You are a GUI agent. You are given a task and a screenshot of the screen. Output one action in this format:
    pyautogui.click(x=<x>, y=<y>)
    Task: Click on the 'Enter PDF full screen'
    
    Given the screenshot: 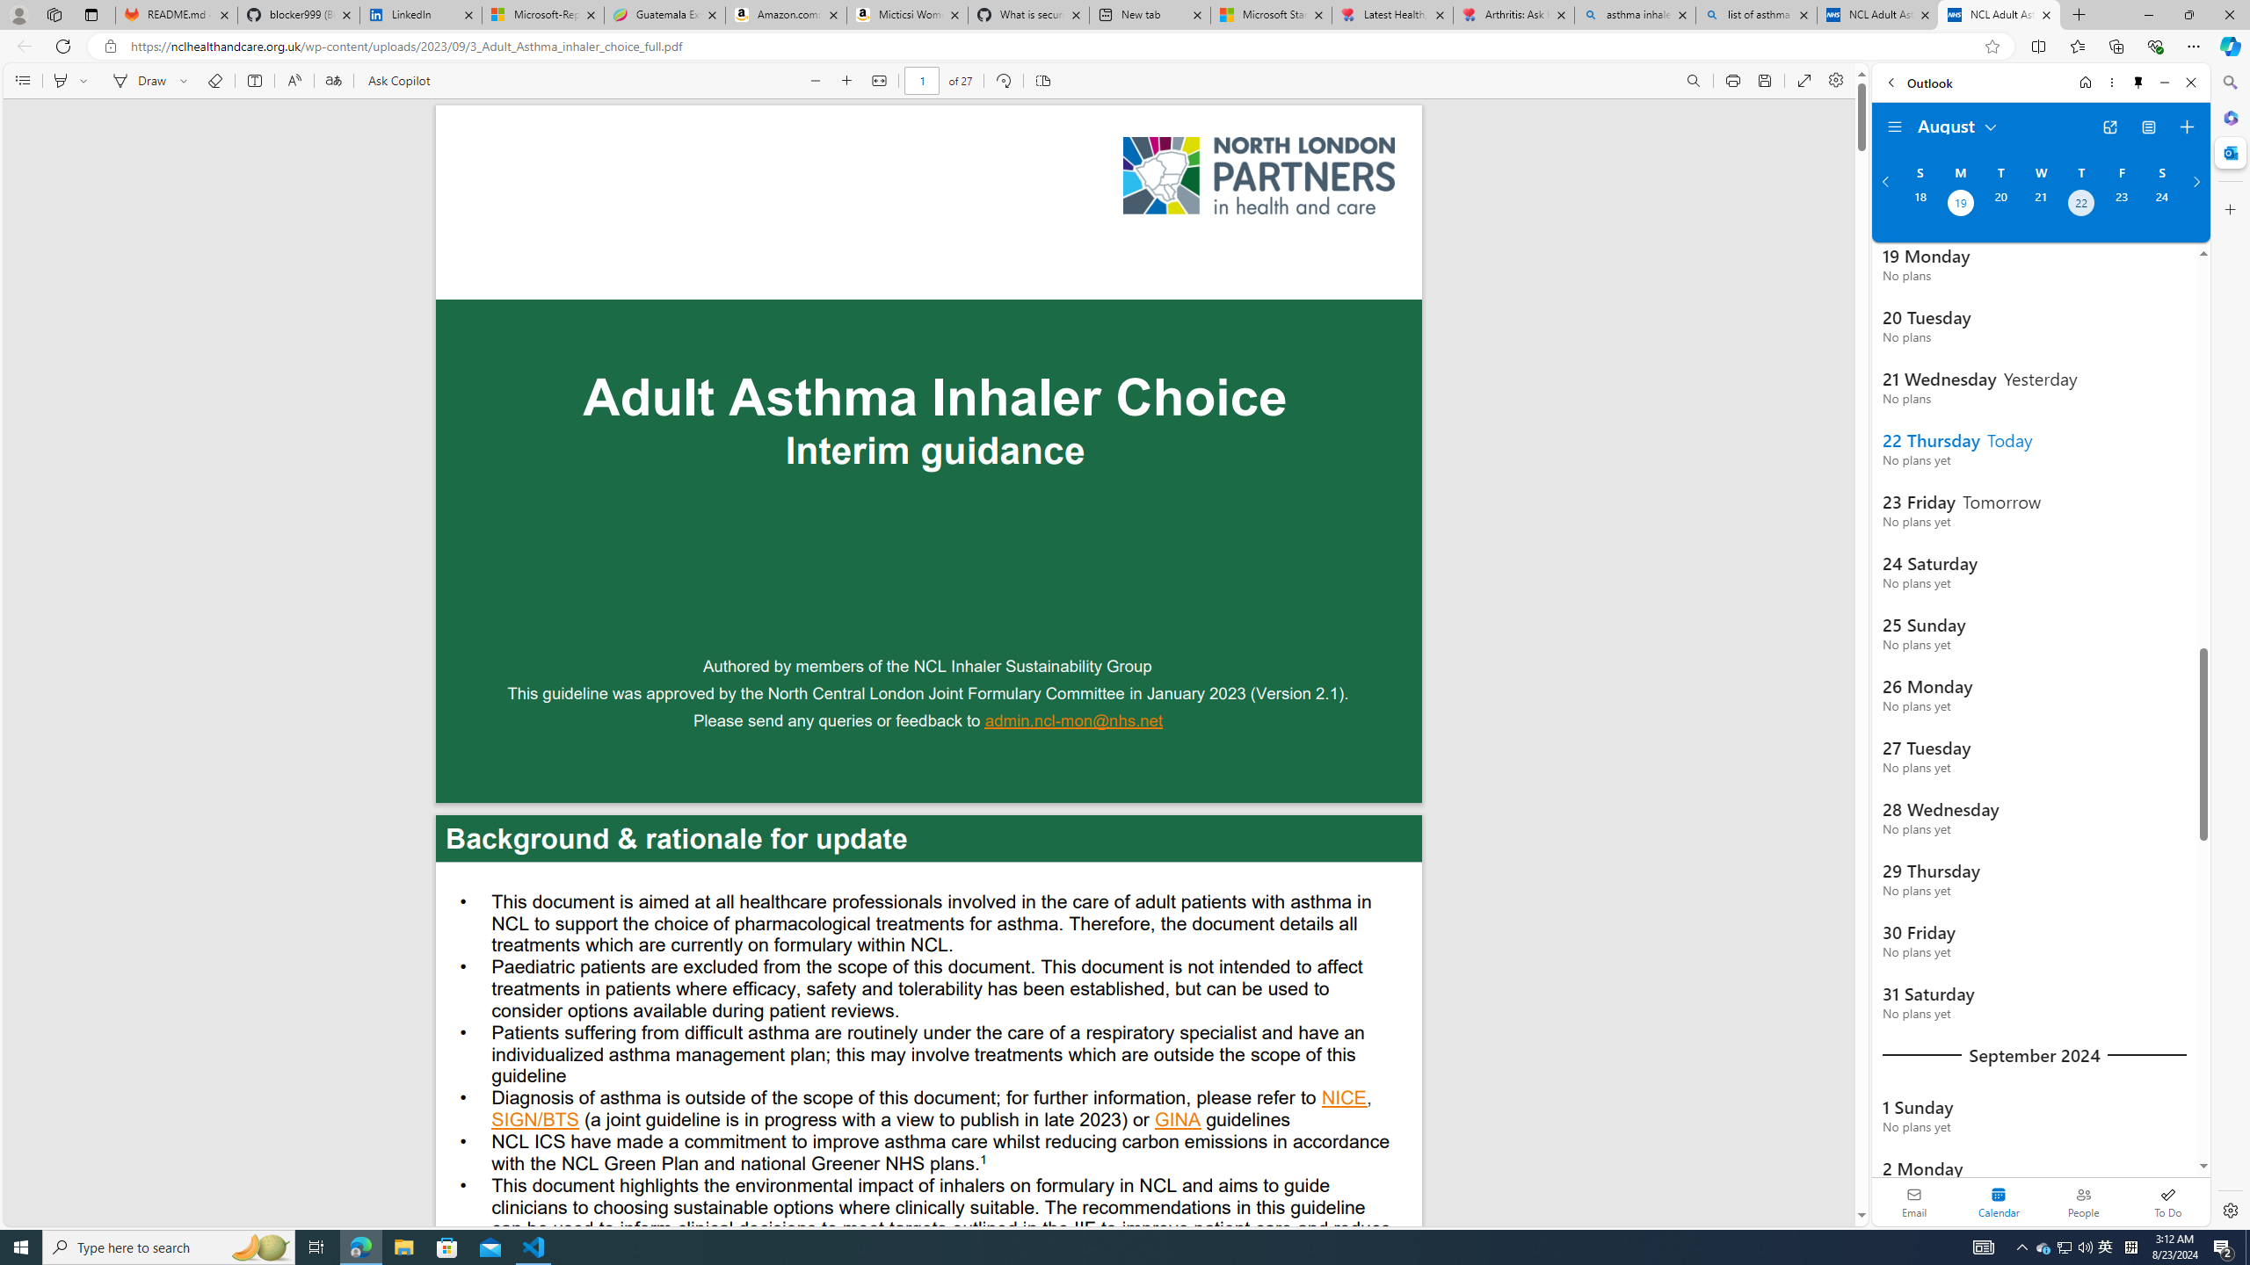 What is the action you would take?
    pyautogui.click(x=1804, y=80)
    